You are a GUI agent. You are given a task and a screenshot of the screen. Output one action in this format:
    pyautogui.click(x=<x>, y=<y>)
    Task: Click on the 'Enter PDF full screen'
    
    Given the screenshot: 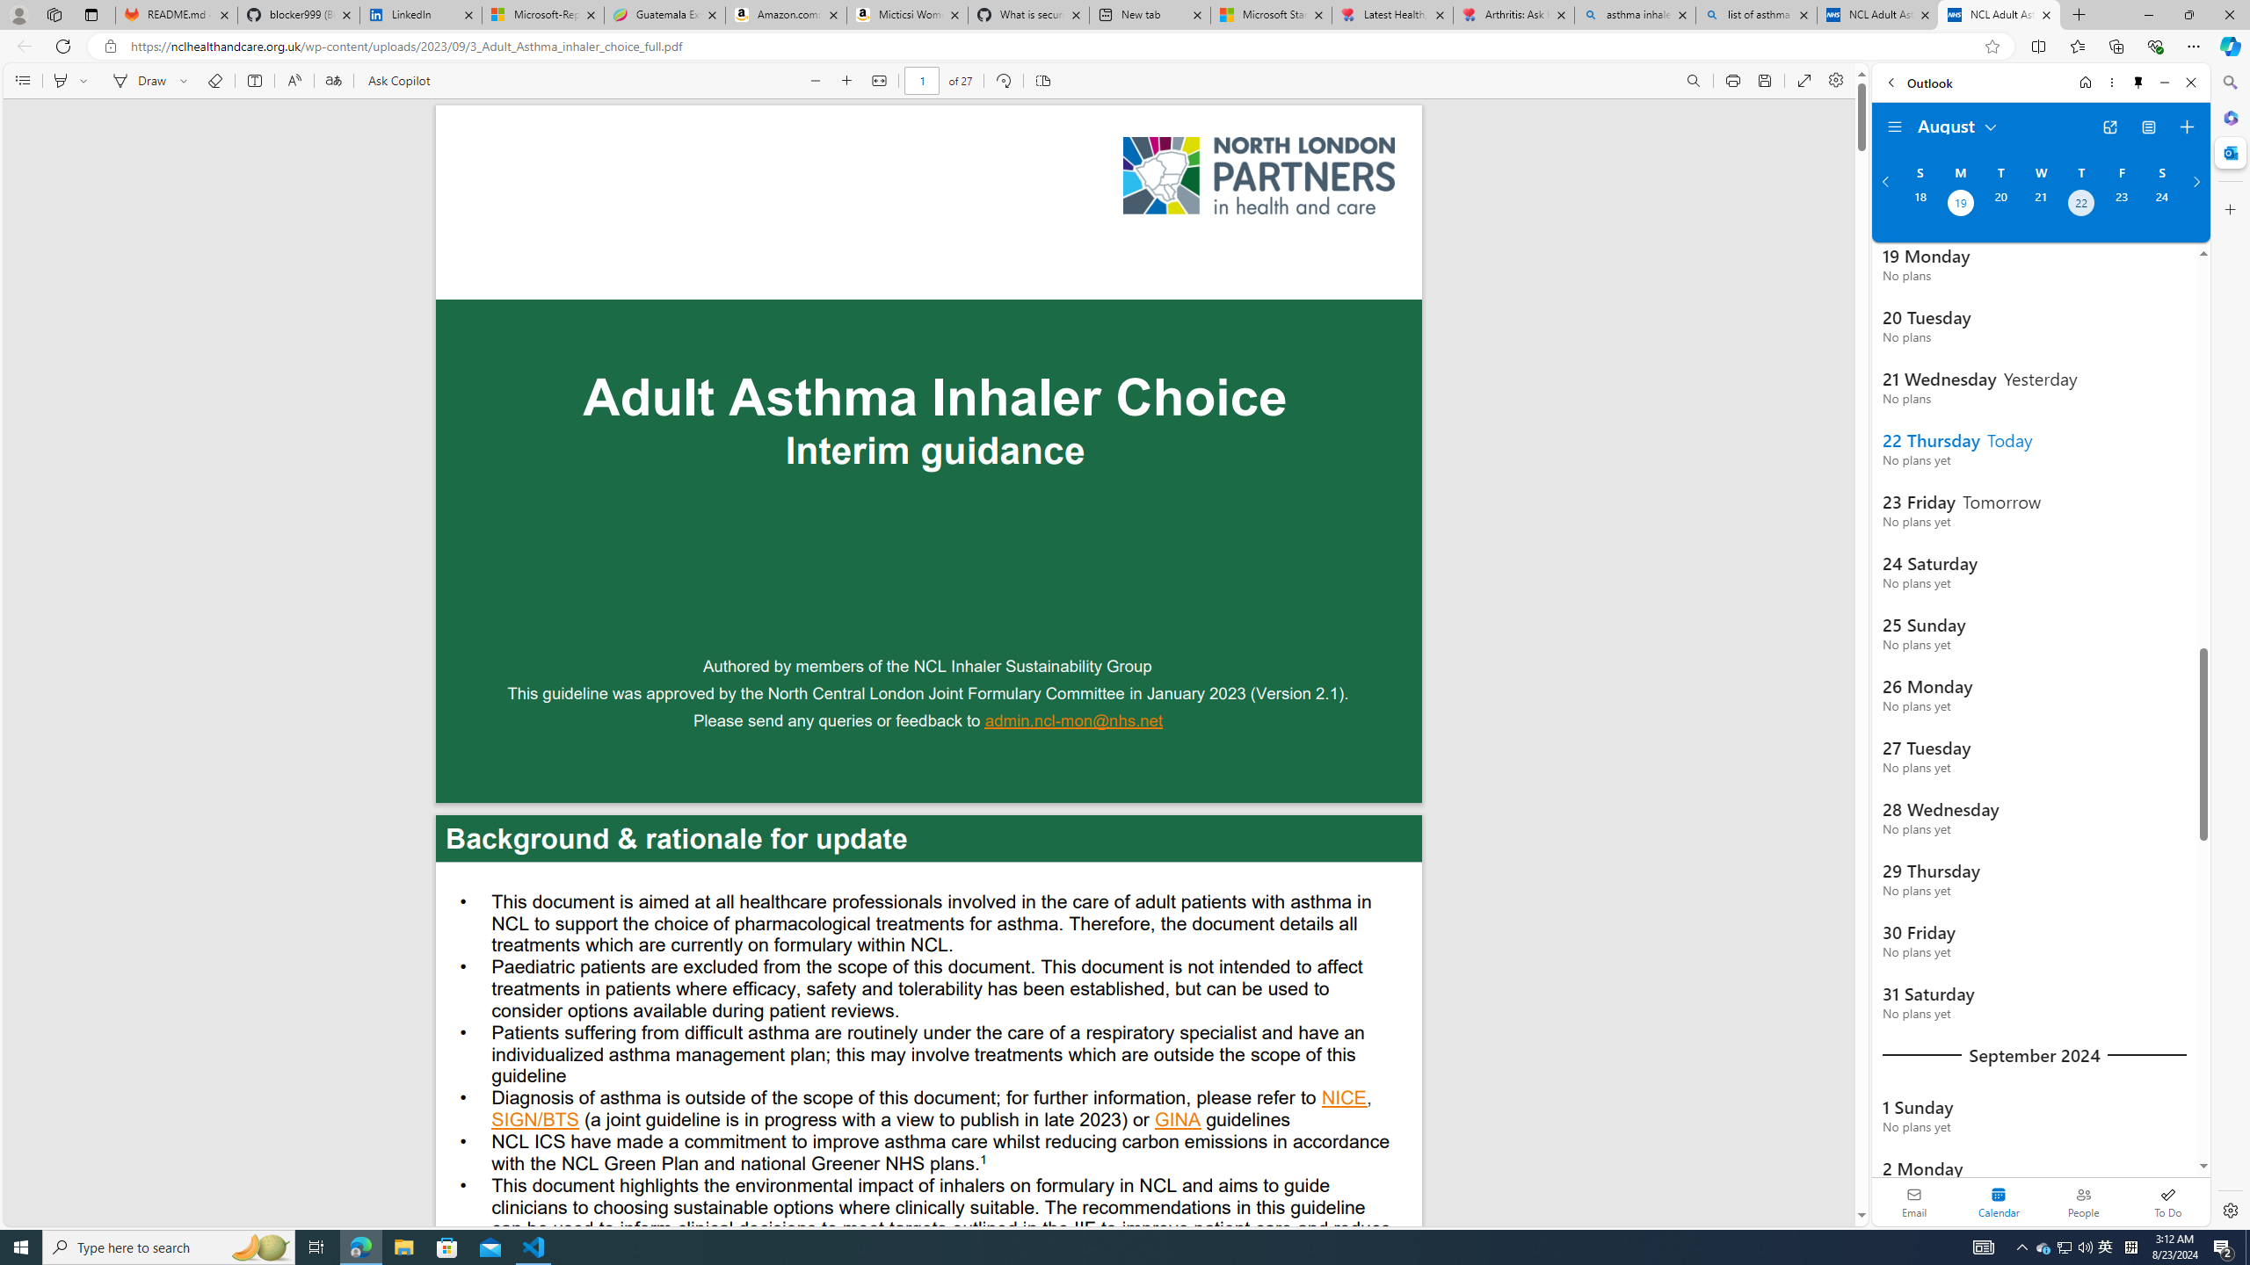 What is the action you would take?
    pyautogui.click(x=1804, y=80)
    